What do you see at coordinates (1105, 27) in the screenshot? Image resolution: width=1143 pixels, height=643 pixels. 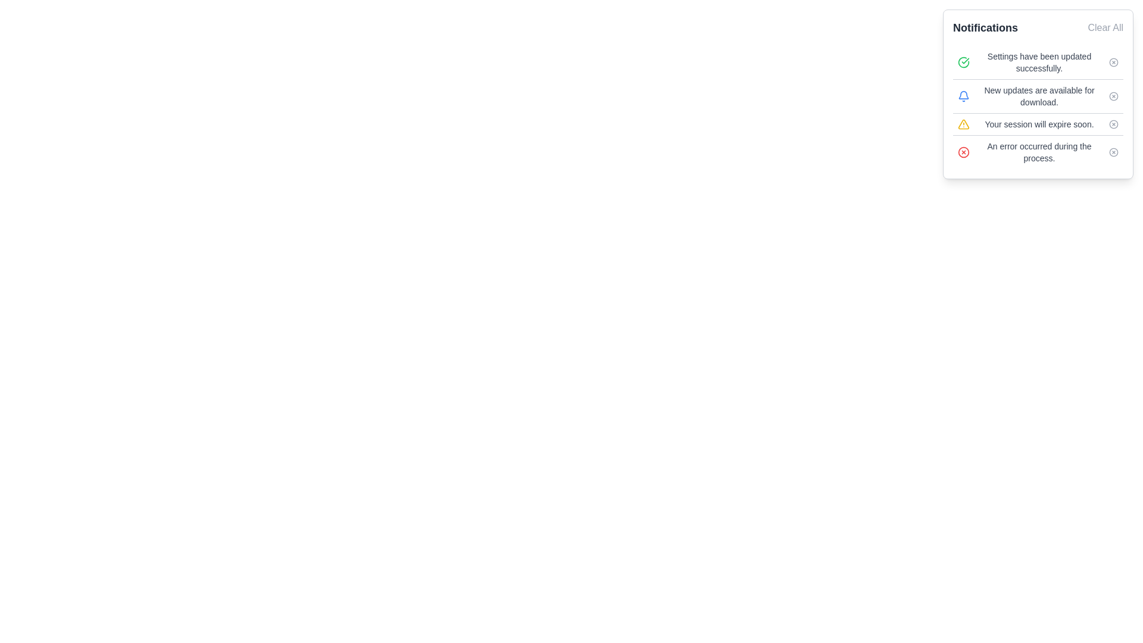 I see `the 'Clear Notifications' button located at the far right of the notifications panel to clear all listed notifications` at bounding box center [1105, 27].